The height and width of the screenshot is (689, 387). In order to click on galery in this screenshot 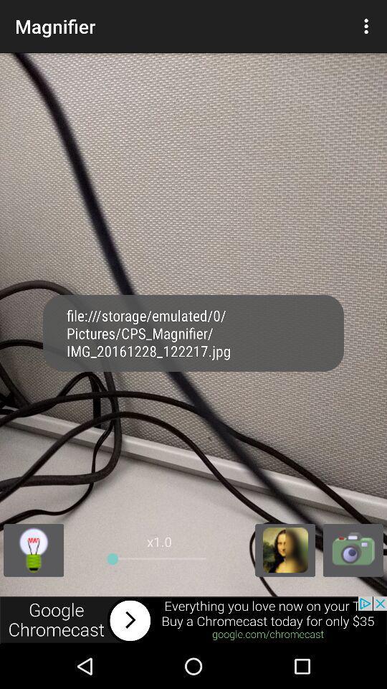, I will do `click(285, 549)`.